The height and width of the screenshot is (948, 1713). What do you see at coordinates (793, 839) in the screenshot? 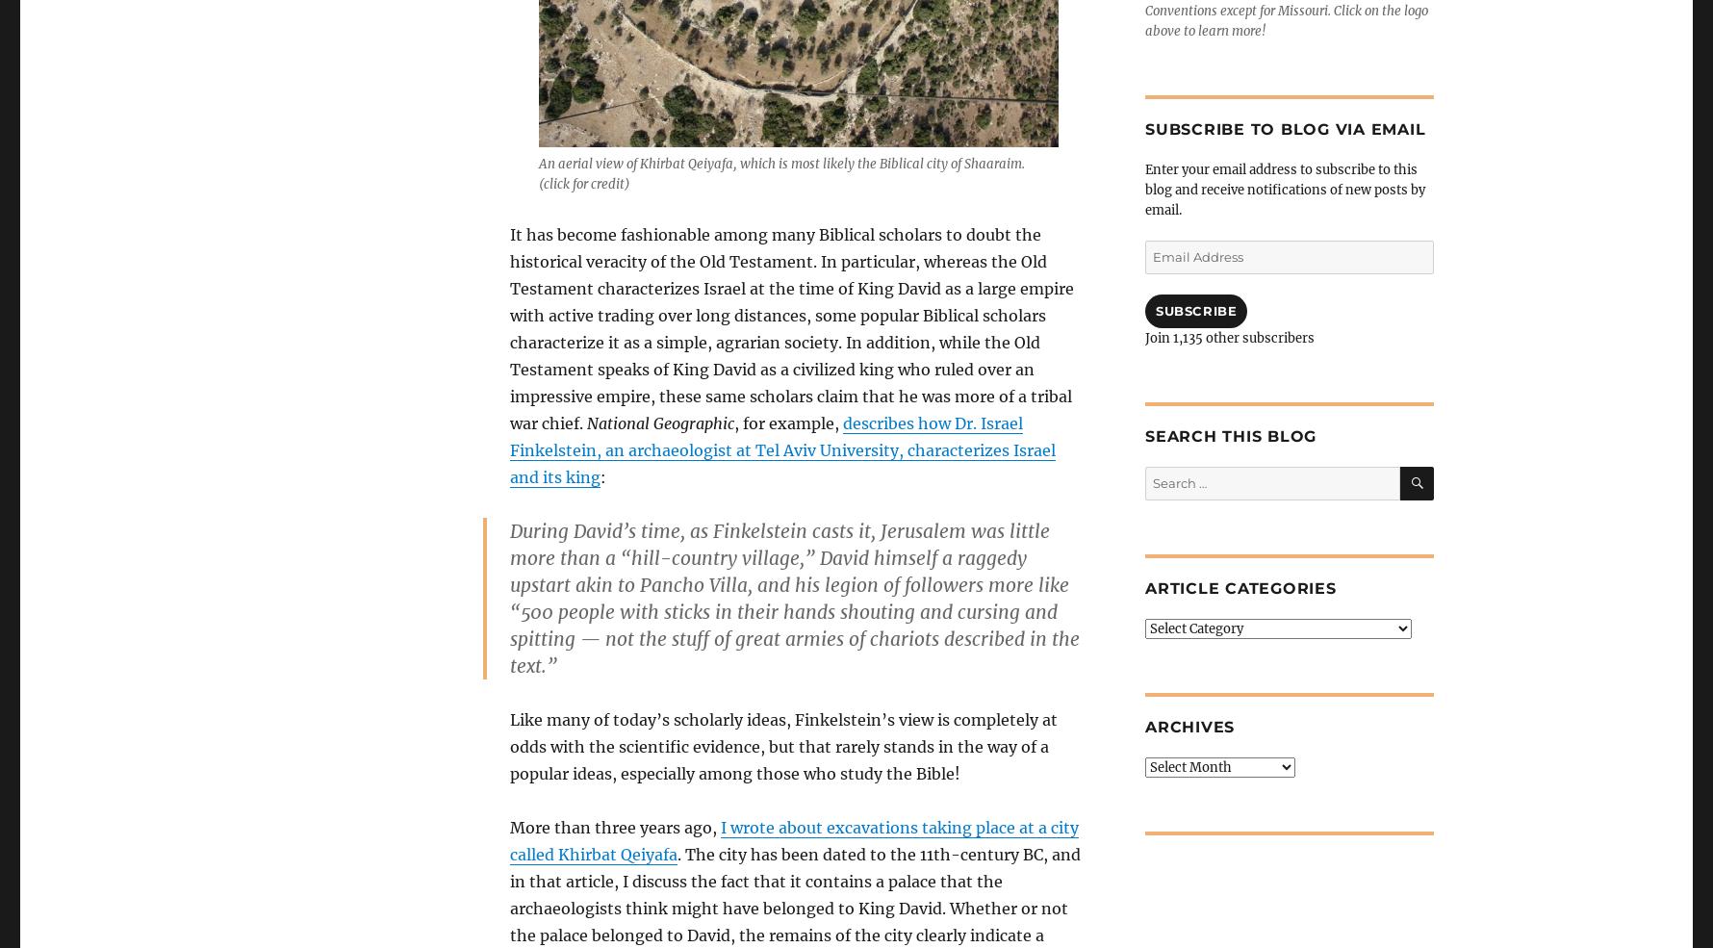
I see `'I wrote about excavations taking place at a city called Khirbat Qeiyafa'` at bounding box center [793, 839].